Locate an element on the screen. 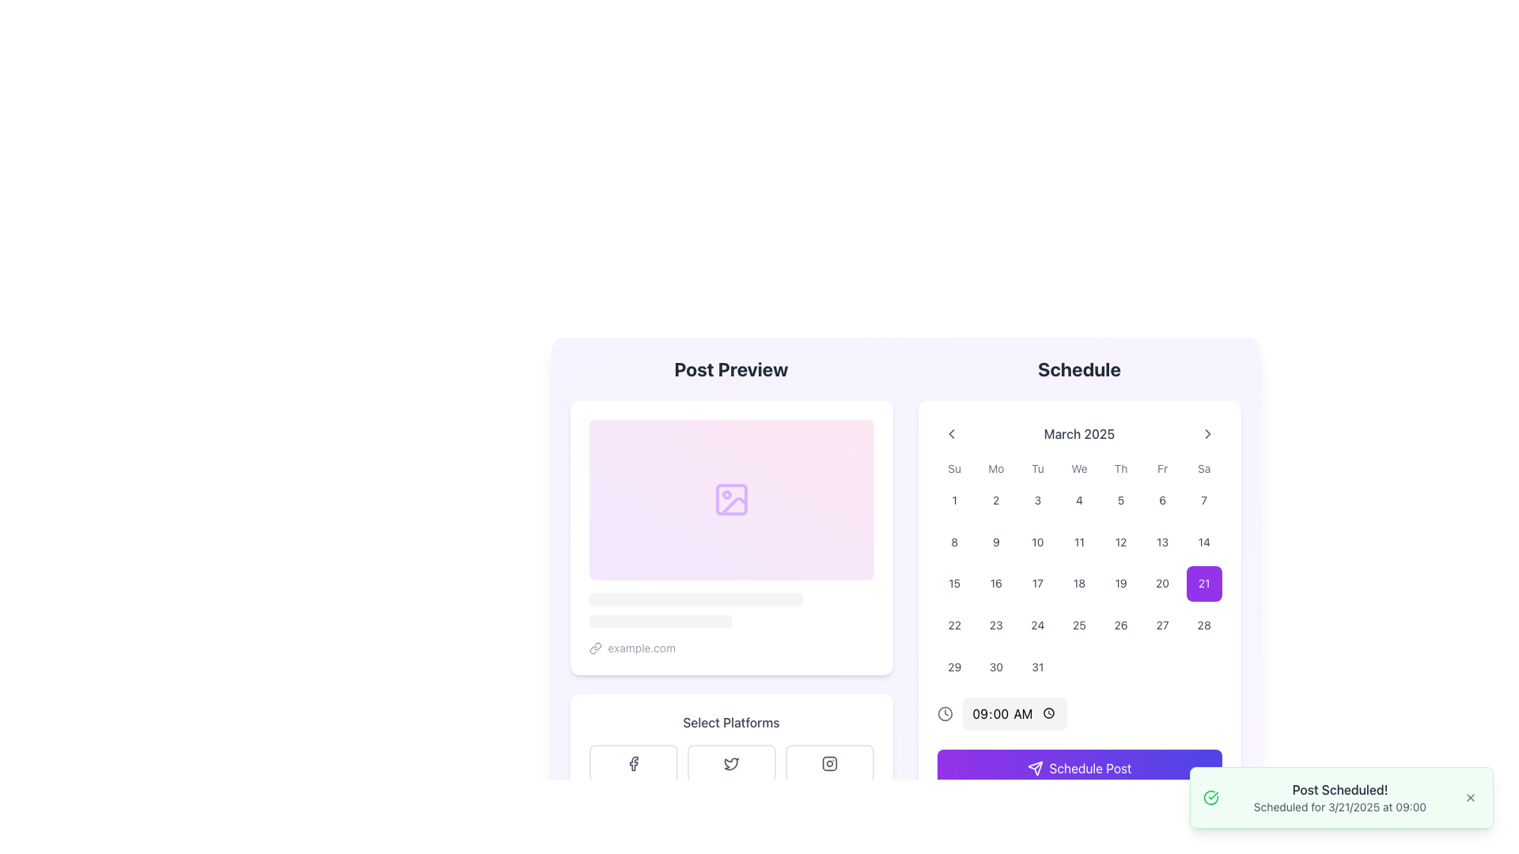  SVG Circle that visually represents the outer circular boundary of the clock icon located next to the time '09:00 AM' in the Schedule section is located at coordinates (945, 713).